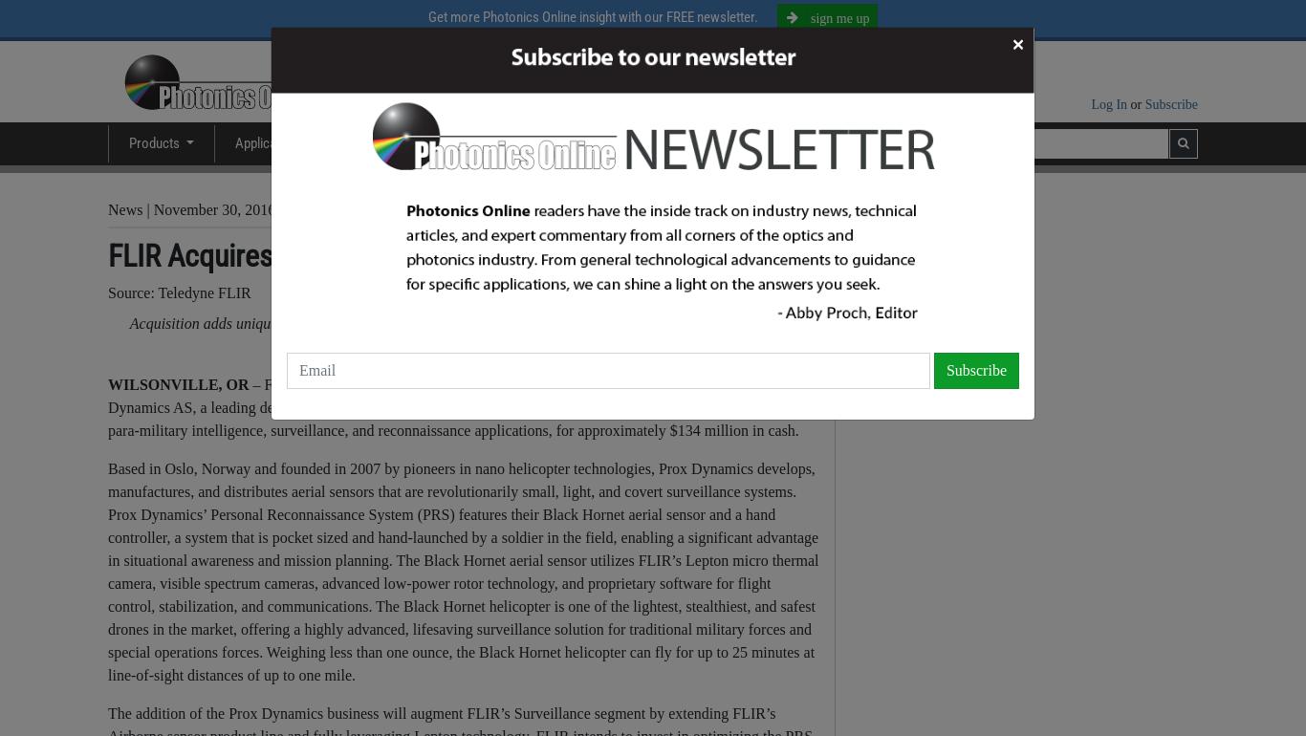  Describe the element at coordinates (178, 292) in the screenshot. I see `'Source: Teledyne FLIR'` at that location.